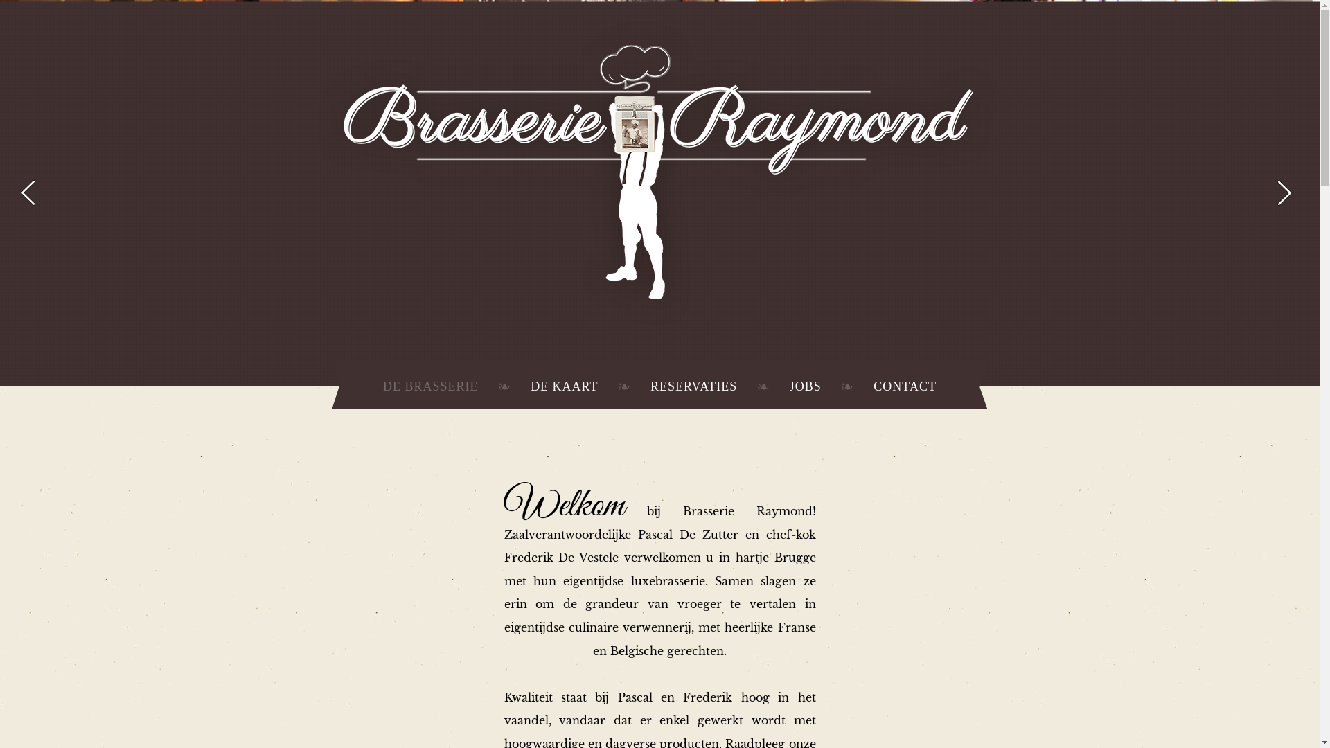 The height and width of the screenshot is (748, 1330). Describe the element at coordinates (805, 386) in the screenshot. I see `'JOBS'` at that location.